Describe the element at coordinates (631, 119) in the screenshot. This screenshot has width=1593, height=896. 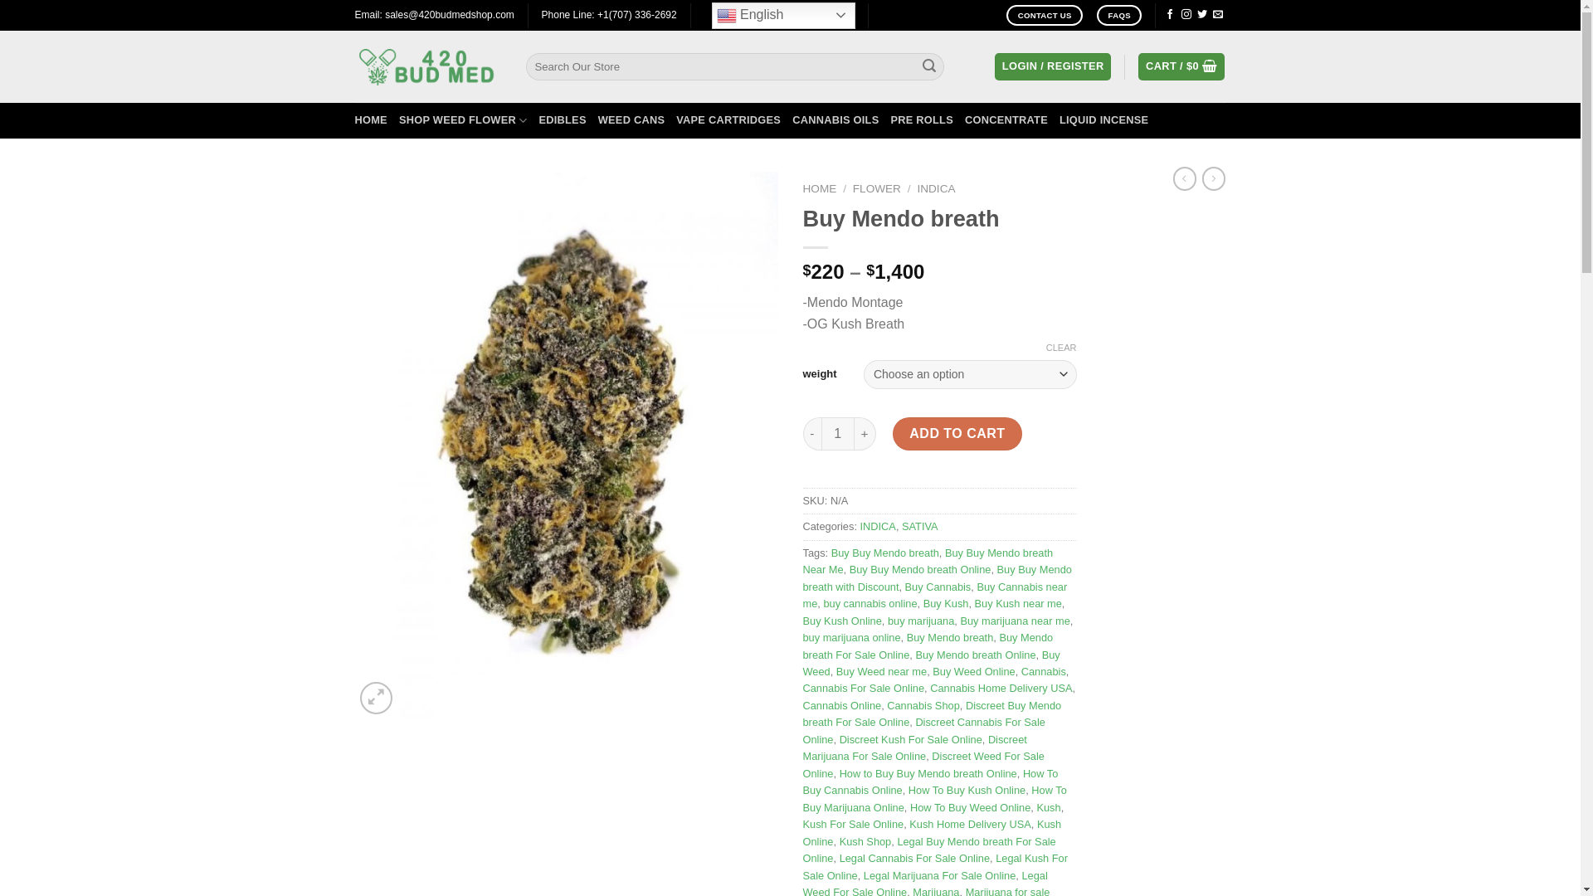
I see `'WEED CANS'` at that location.